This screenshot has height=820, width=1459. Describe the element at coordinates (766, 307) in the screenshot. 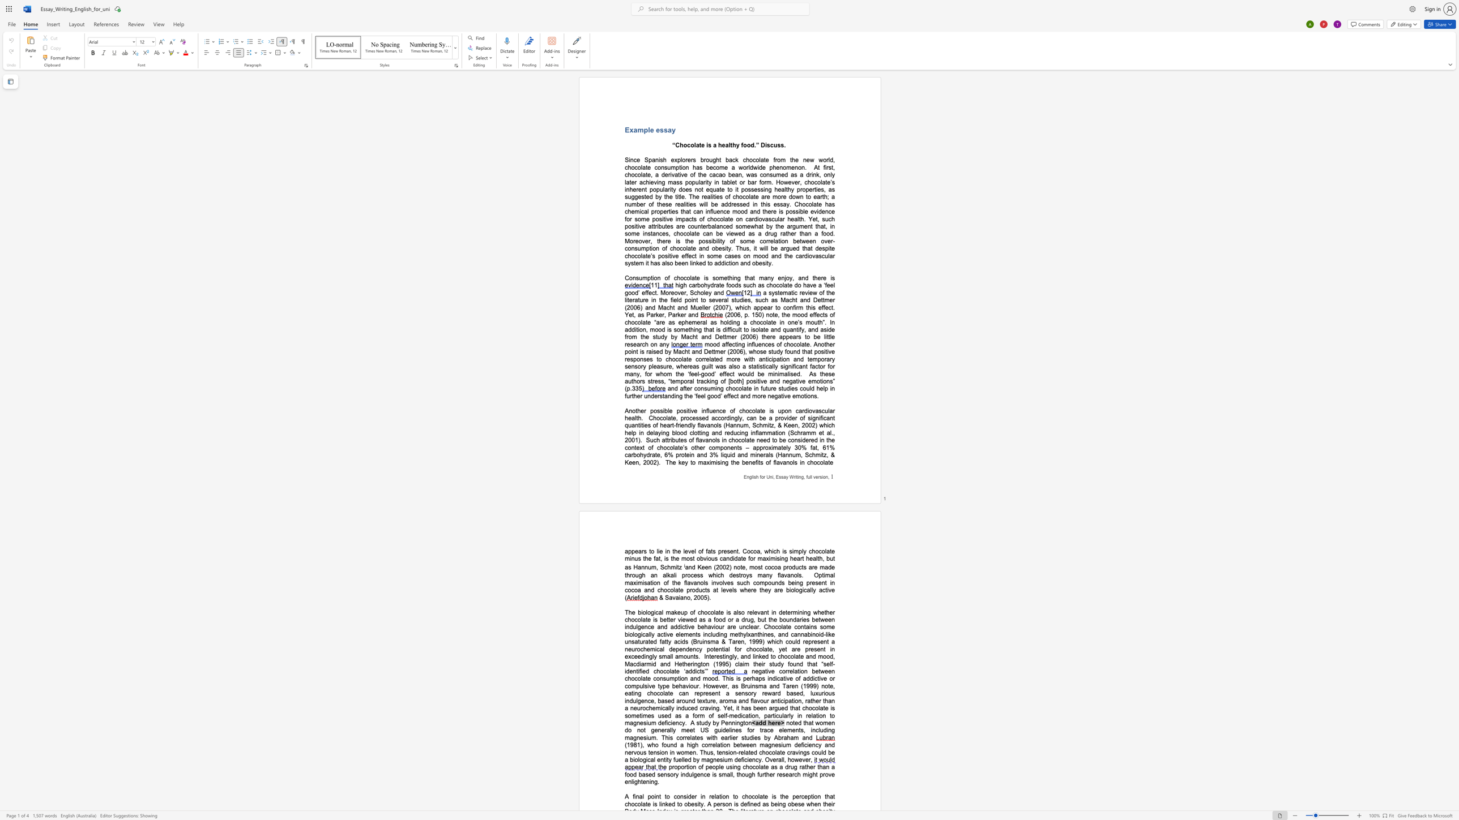

I see `the space between the continuous character "e" and "a" in the text` at that location.